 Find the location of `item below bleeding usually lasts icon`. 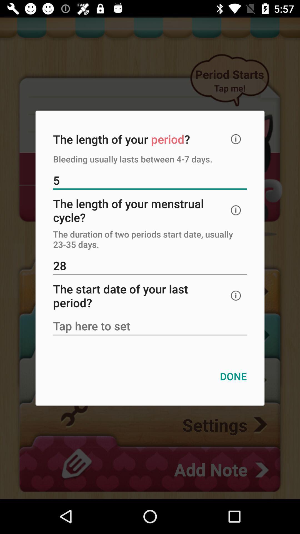

item below bleeding usually lasts icon is located at coordinates (150, 181).